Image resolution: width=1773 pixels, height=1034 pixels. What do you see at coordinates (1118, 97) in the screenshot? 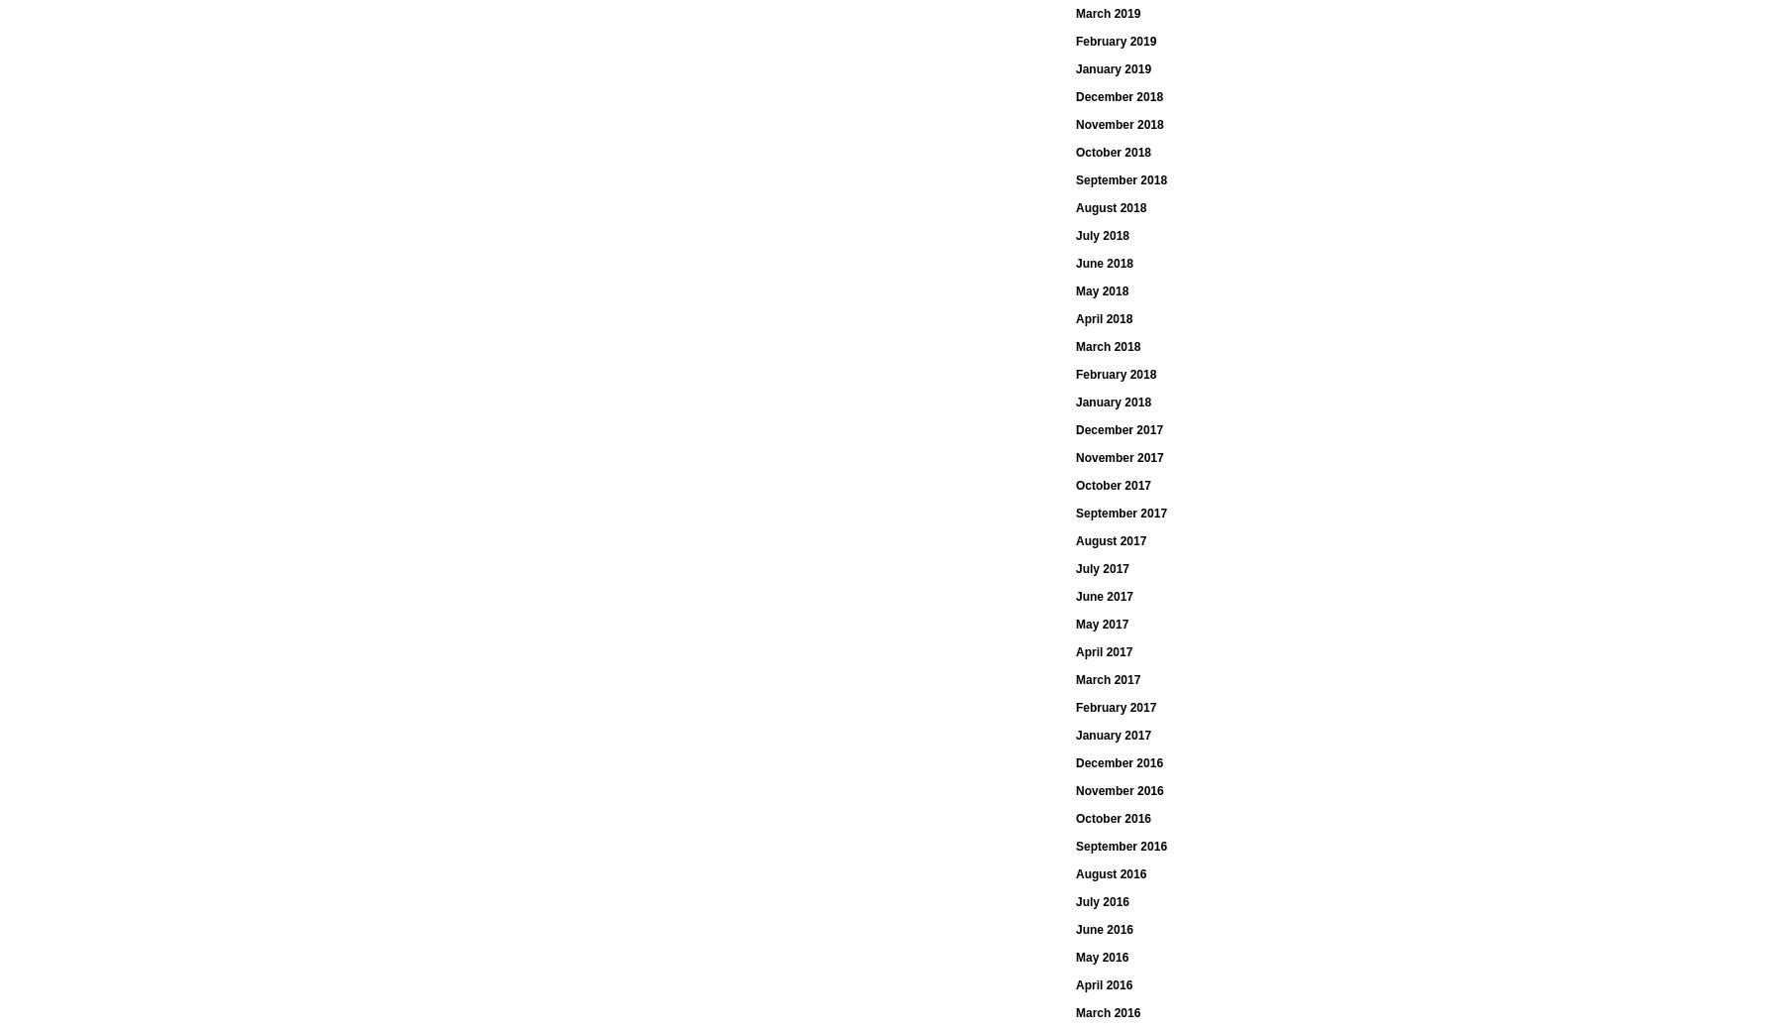
I see `'December 2018'` at bounding box center [1118, 97].